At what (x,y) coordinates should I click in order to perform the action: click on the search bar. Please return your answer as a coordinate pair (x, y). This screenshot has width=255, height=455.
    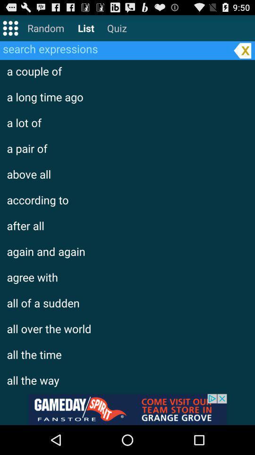
    Looking at the image, I should click on (242, 50).